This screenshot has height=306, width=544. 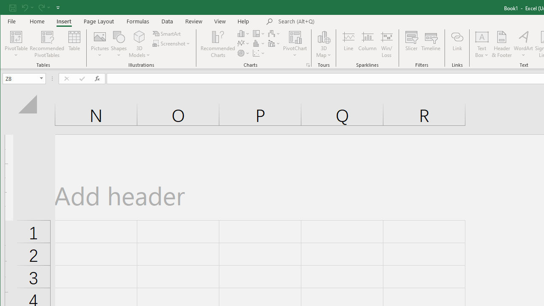 What do you see at coordinates (99, 21) in the screenshot?
I see `'Page Layout'` at bounding box center [99, 21].